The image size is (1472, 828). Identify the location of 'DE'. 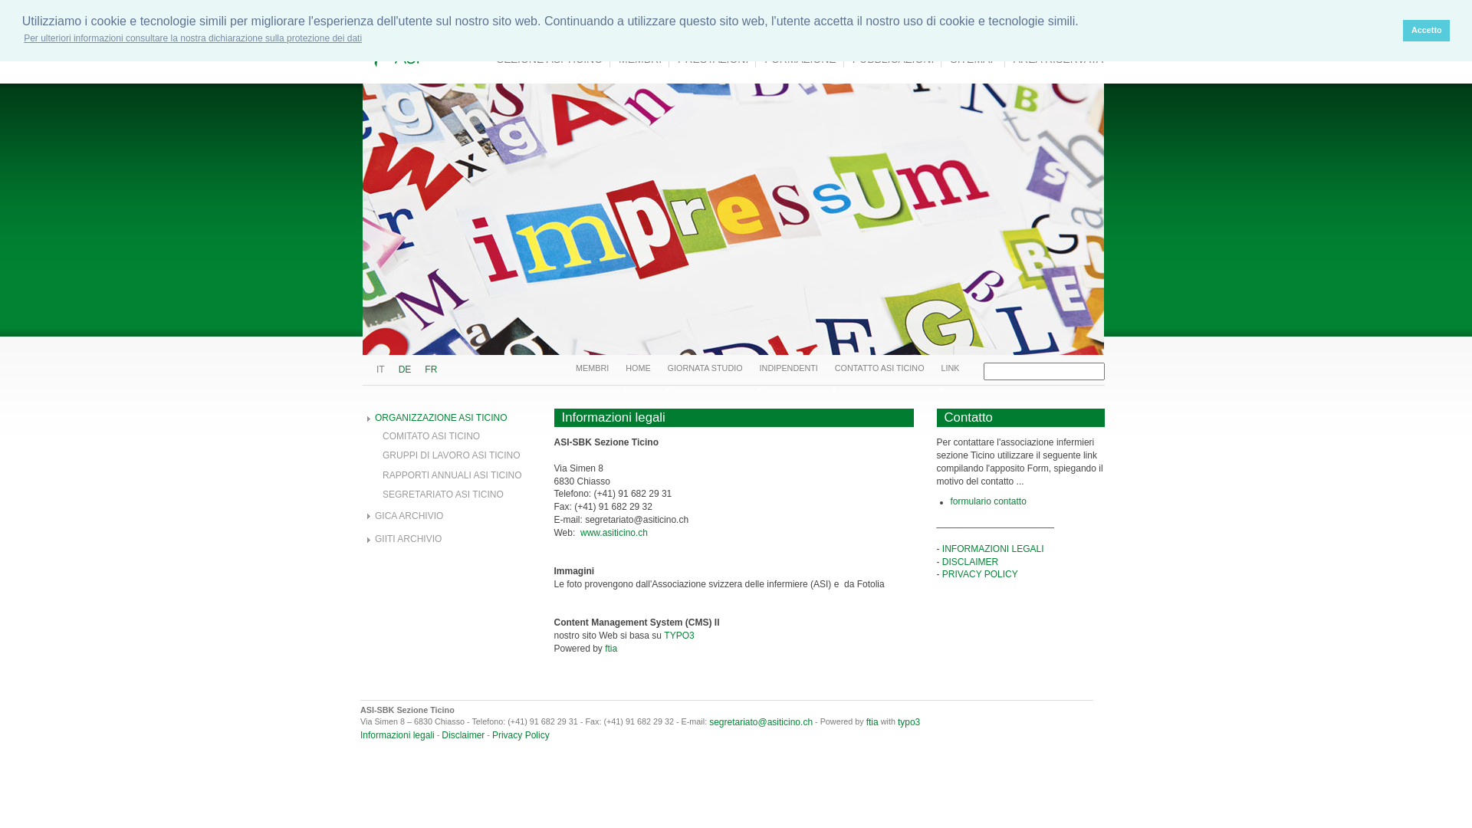
(398, 370).